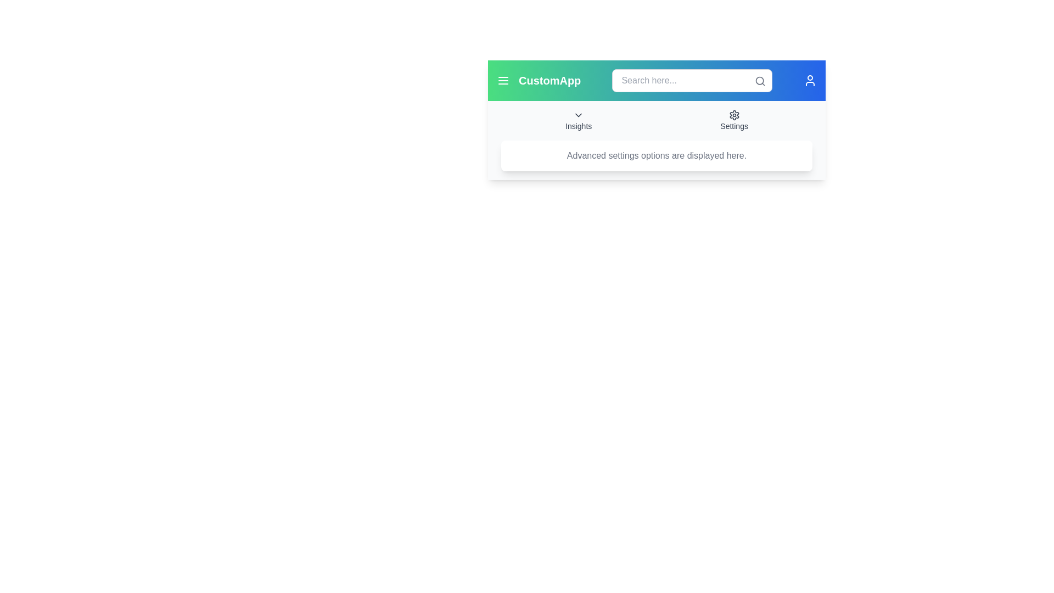  What do you see at coordinates (734, 120) in the screenshot?
I see `the 'Settings' button, which consists of a gear icon and the text 'Settings' beneath it, located near the top-right side of the menu bar` at bounding box center [734, 120].